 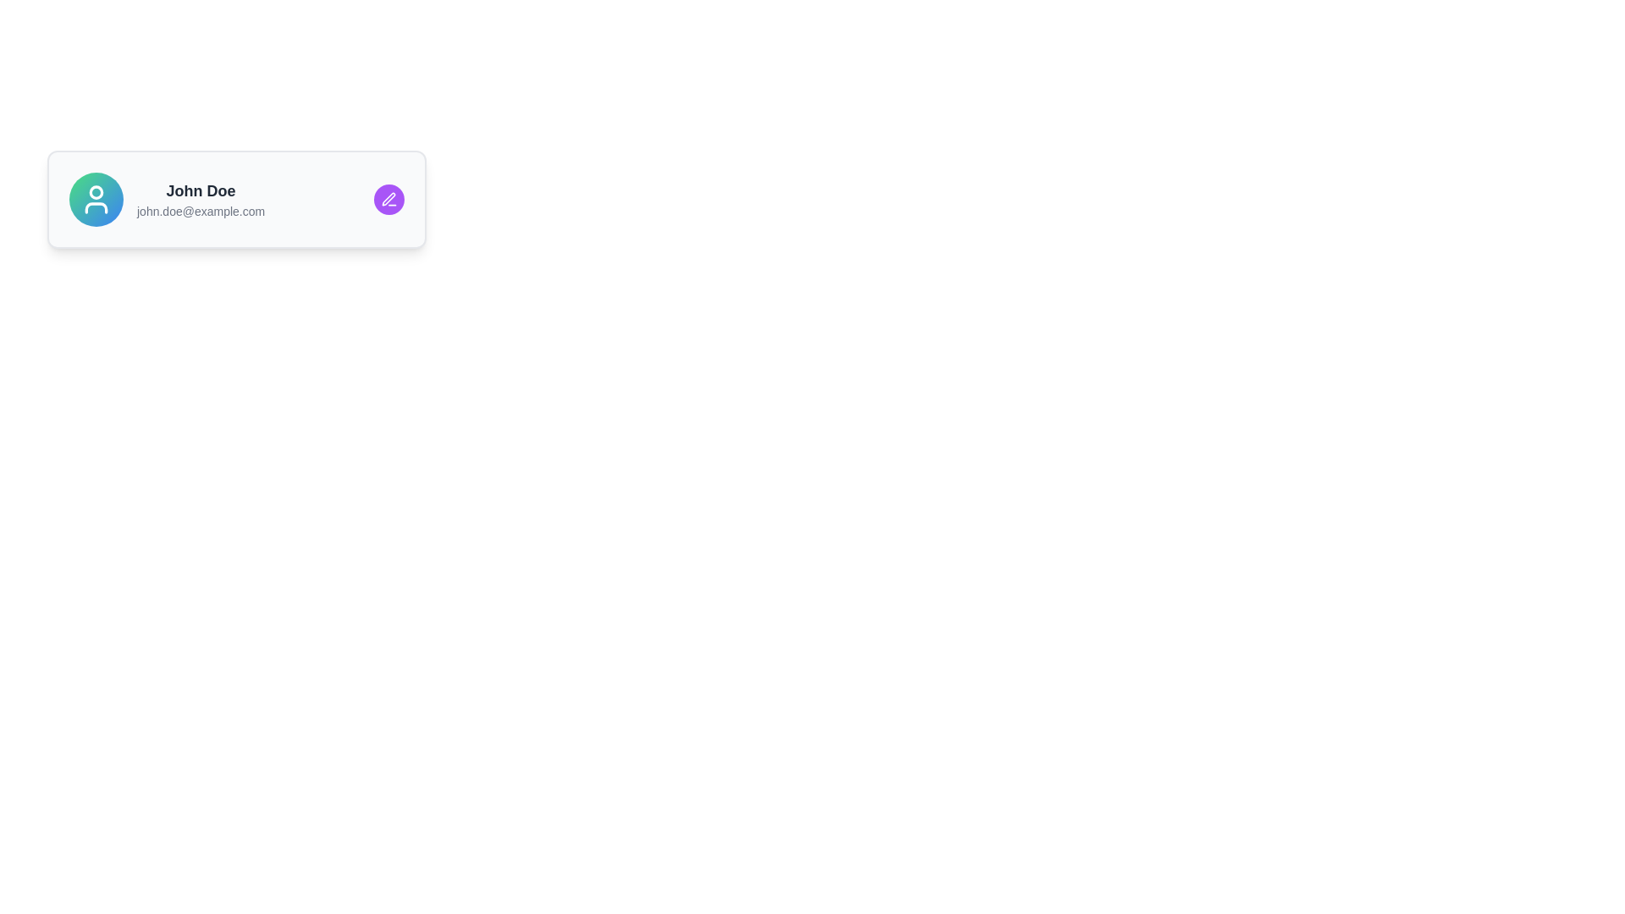 What do you see at coordinates (96, 198) in the screenshot?
I see `the user profile SVG icon located within the circular component to the left of the text block containing 'John Doe' and 'john.doe@example.com'` at bounding box center [96, 198].